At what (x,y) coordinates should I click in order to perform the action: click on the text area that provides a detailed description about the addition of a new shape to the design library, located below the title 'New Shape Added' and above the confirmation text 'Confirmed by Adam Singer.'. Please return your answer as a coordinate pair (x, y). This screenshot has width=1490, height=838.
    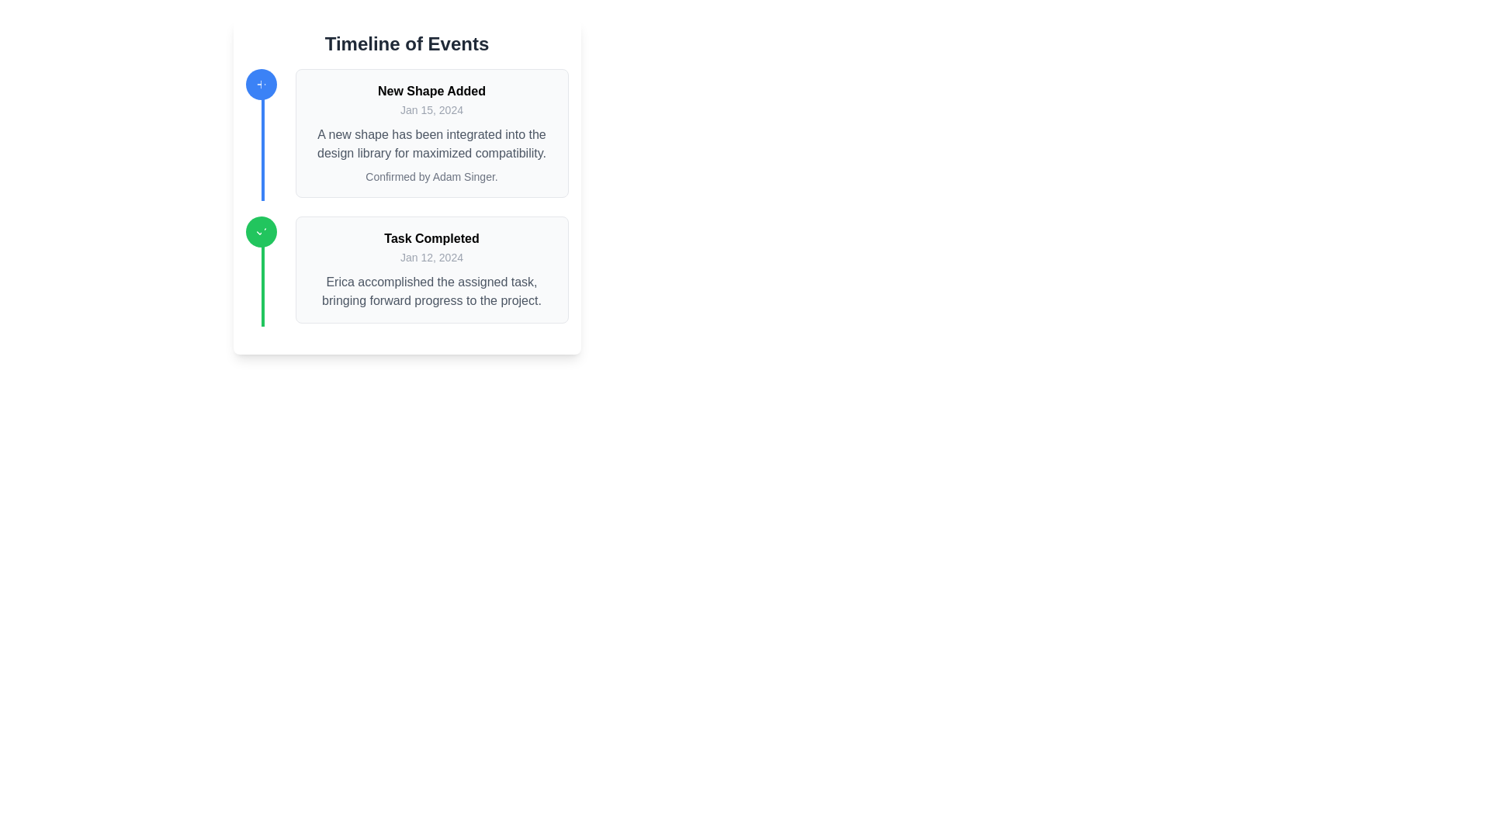
    Looking at the image, I should click on (431, 144).